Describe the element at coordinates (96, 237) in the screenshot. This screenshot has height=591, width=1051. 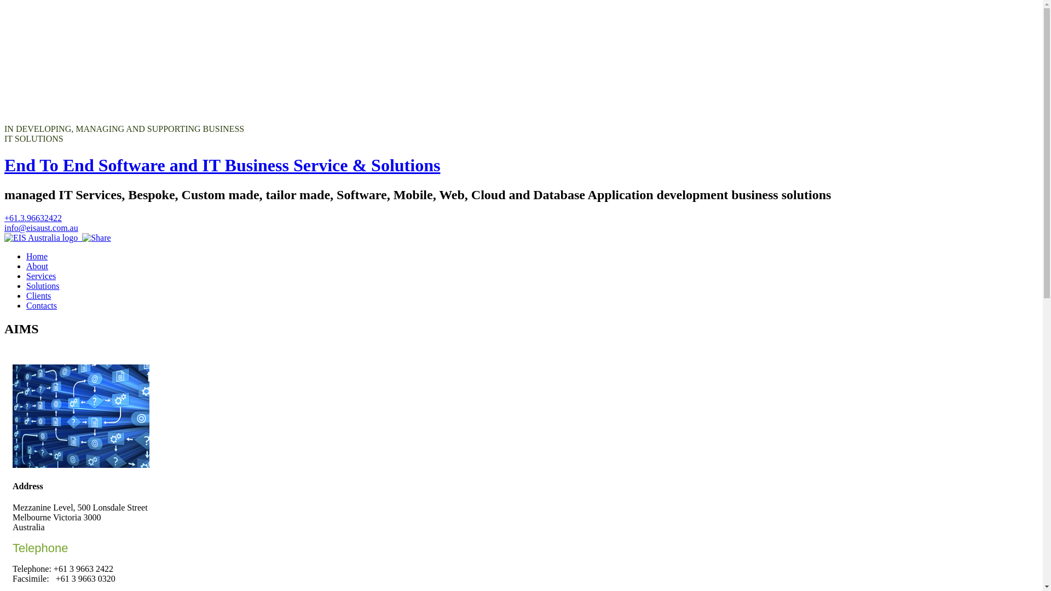
I see `'Share this site via email'` at that location.